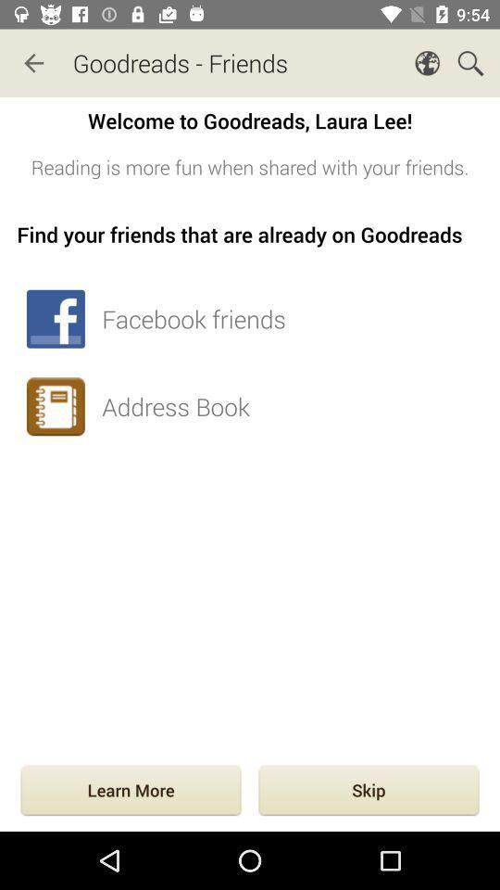  I want to click on the item next to the learn more icon, so click(369, 791).